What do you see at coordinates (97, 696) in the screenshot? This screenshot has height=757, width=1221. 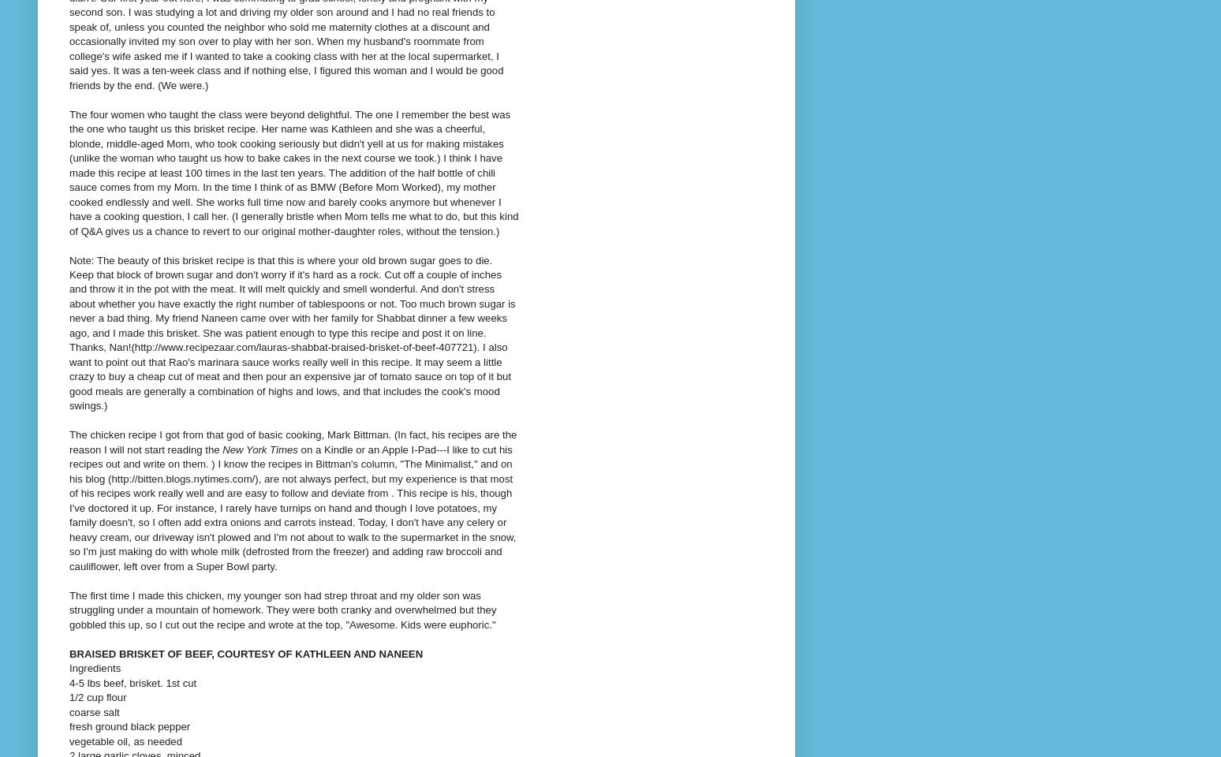 I see `'1/2 cup flour'` at bounding box center [97, 696].